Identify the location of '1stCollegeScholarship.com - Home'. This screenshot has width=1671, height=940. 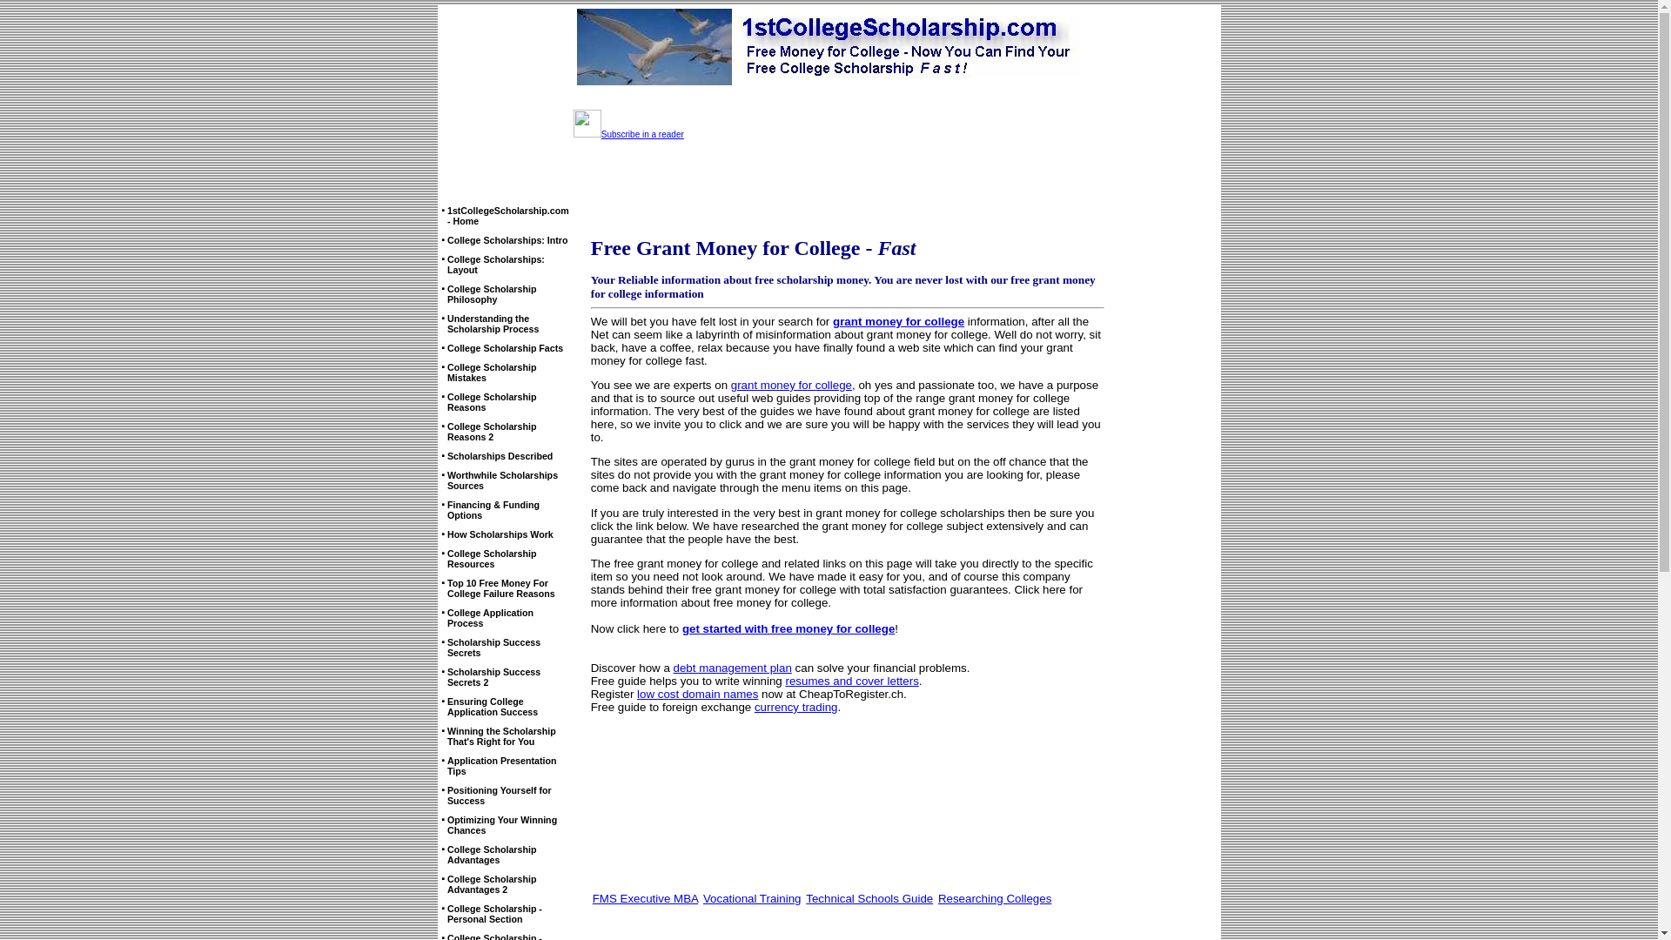
(446, 214).